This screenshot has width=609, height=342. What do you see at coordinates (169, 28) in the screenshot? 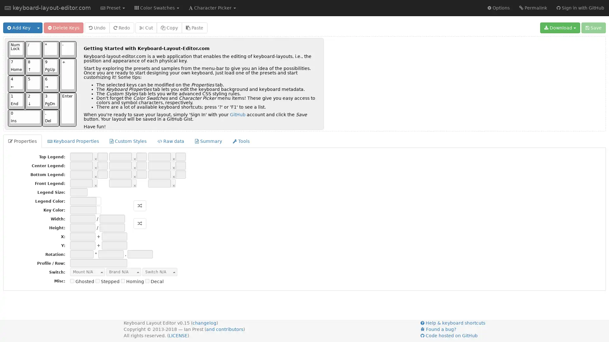
I see `Copy` at bounding box center [169, 28].